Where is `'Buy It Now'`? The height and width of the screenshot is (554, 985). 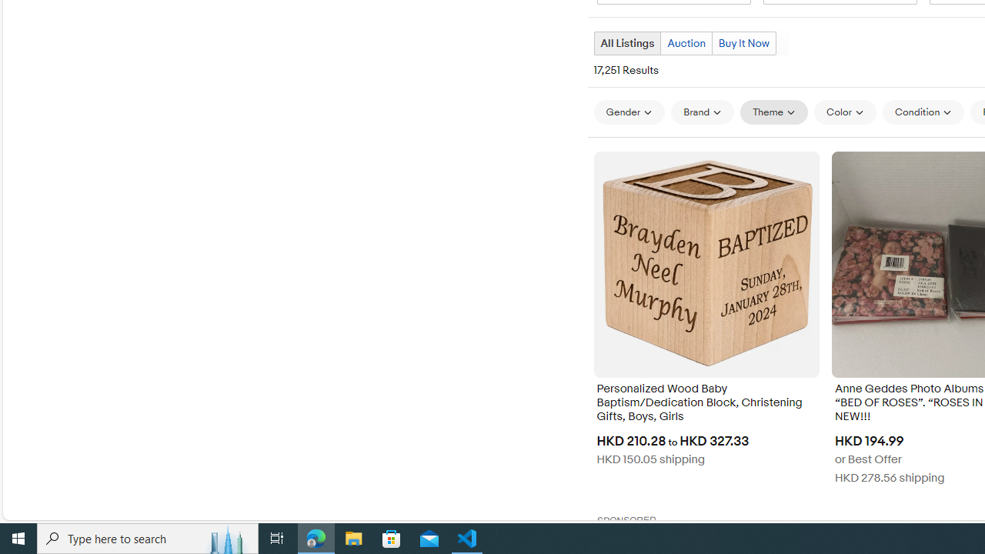 'Buy It Now' is located at coordinates (744, 42).